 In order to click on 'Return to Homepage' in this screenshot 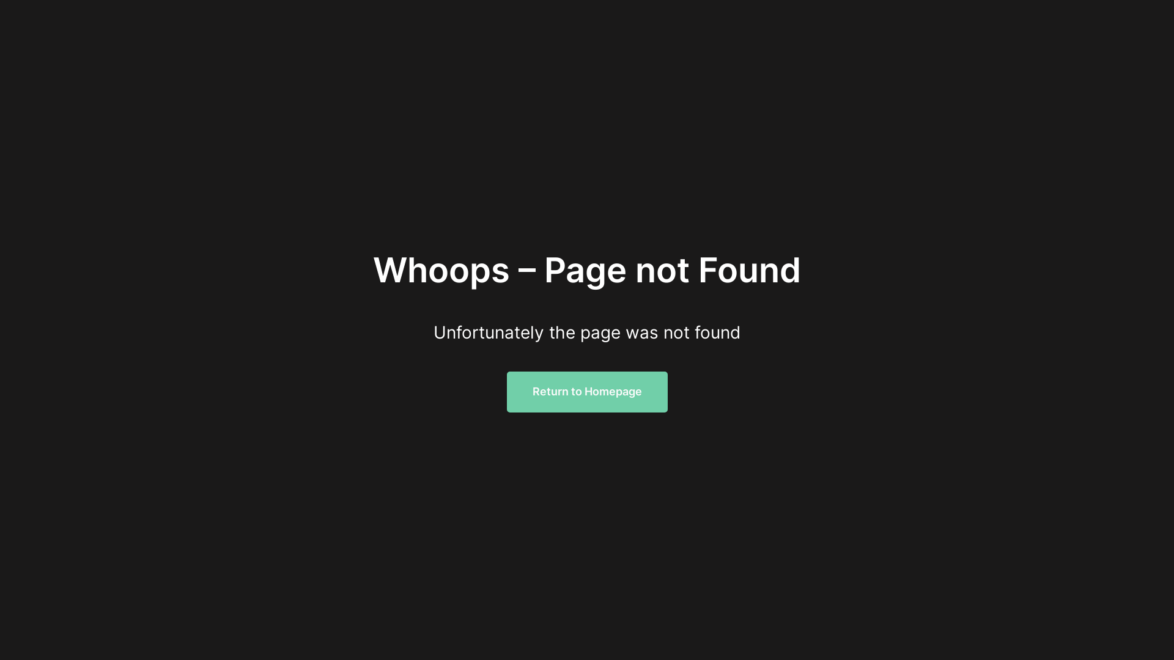, I will do `click(586, 392)`.